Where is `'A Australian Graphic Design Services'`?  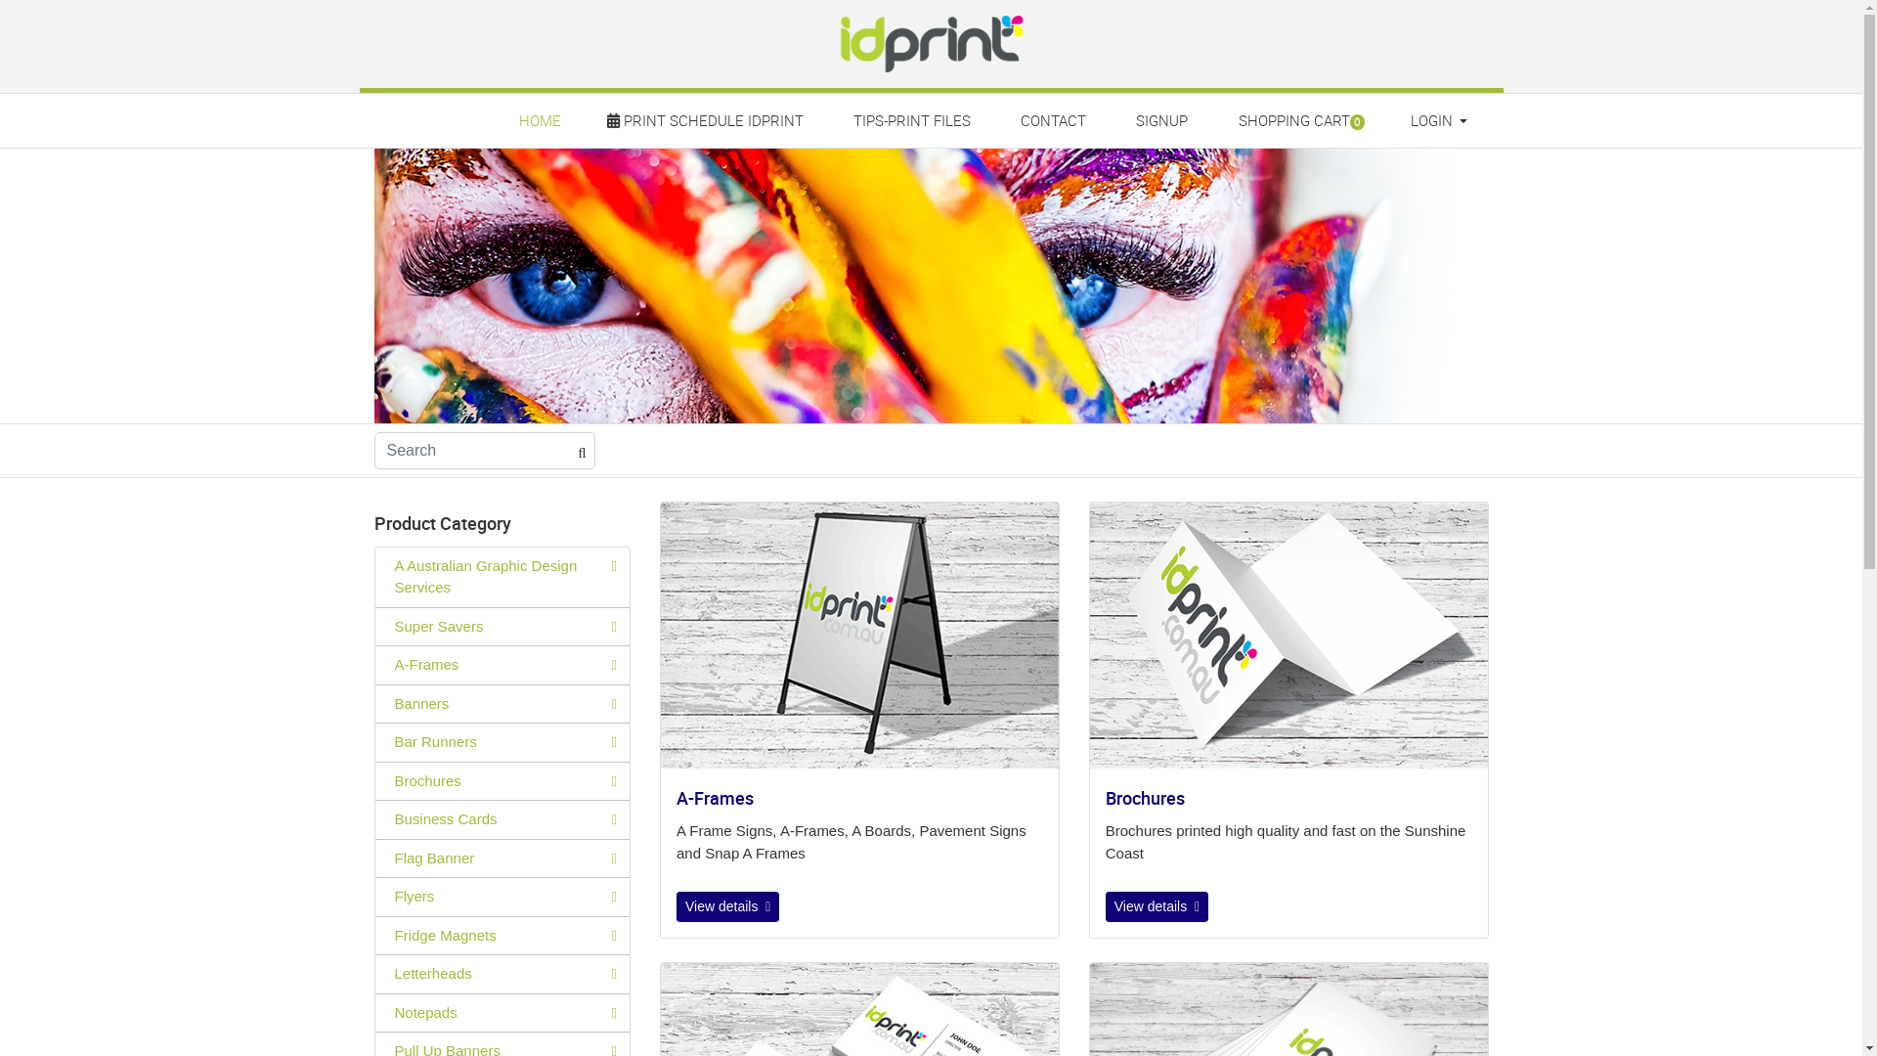
'A Australian Graphic Design Services' is located at coordinates (375, 576).